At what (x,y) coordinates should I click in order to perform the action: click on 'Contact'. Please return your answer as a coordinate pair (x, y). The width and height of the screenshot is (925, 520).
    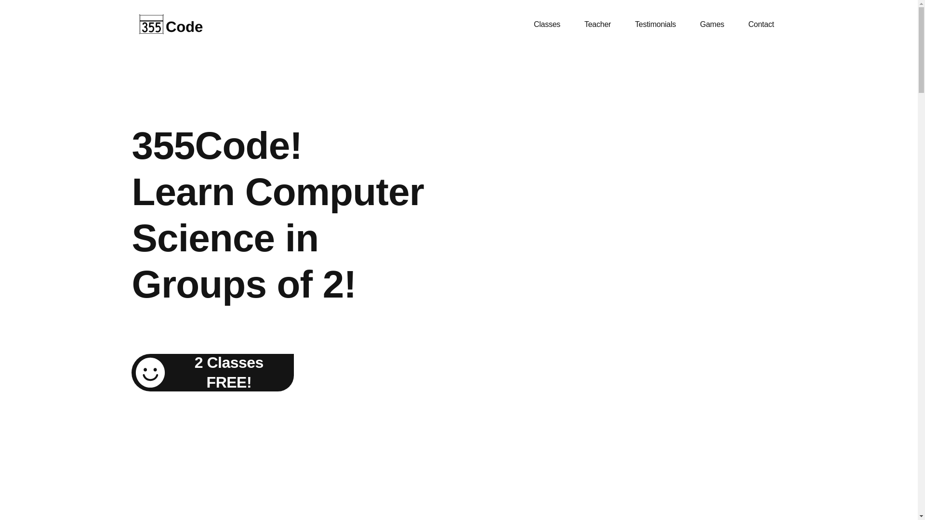
    Looking at the image, I should click on (760, 24).